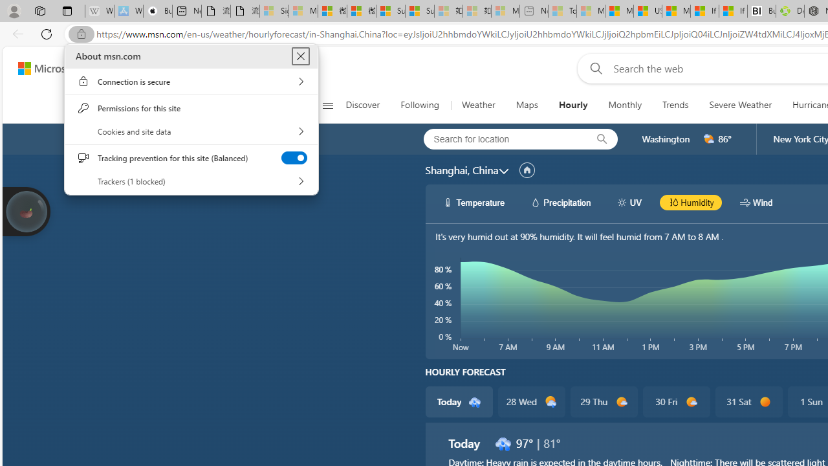 This screenshot has width=828, height=466. I want to click on '28 Wed d2100', so click(531, 401).